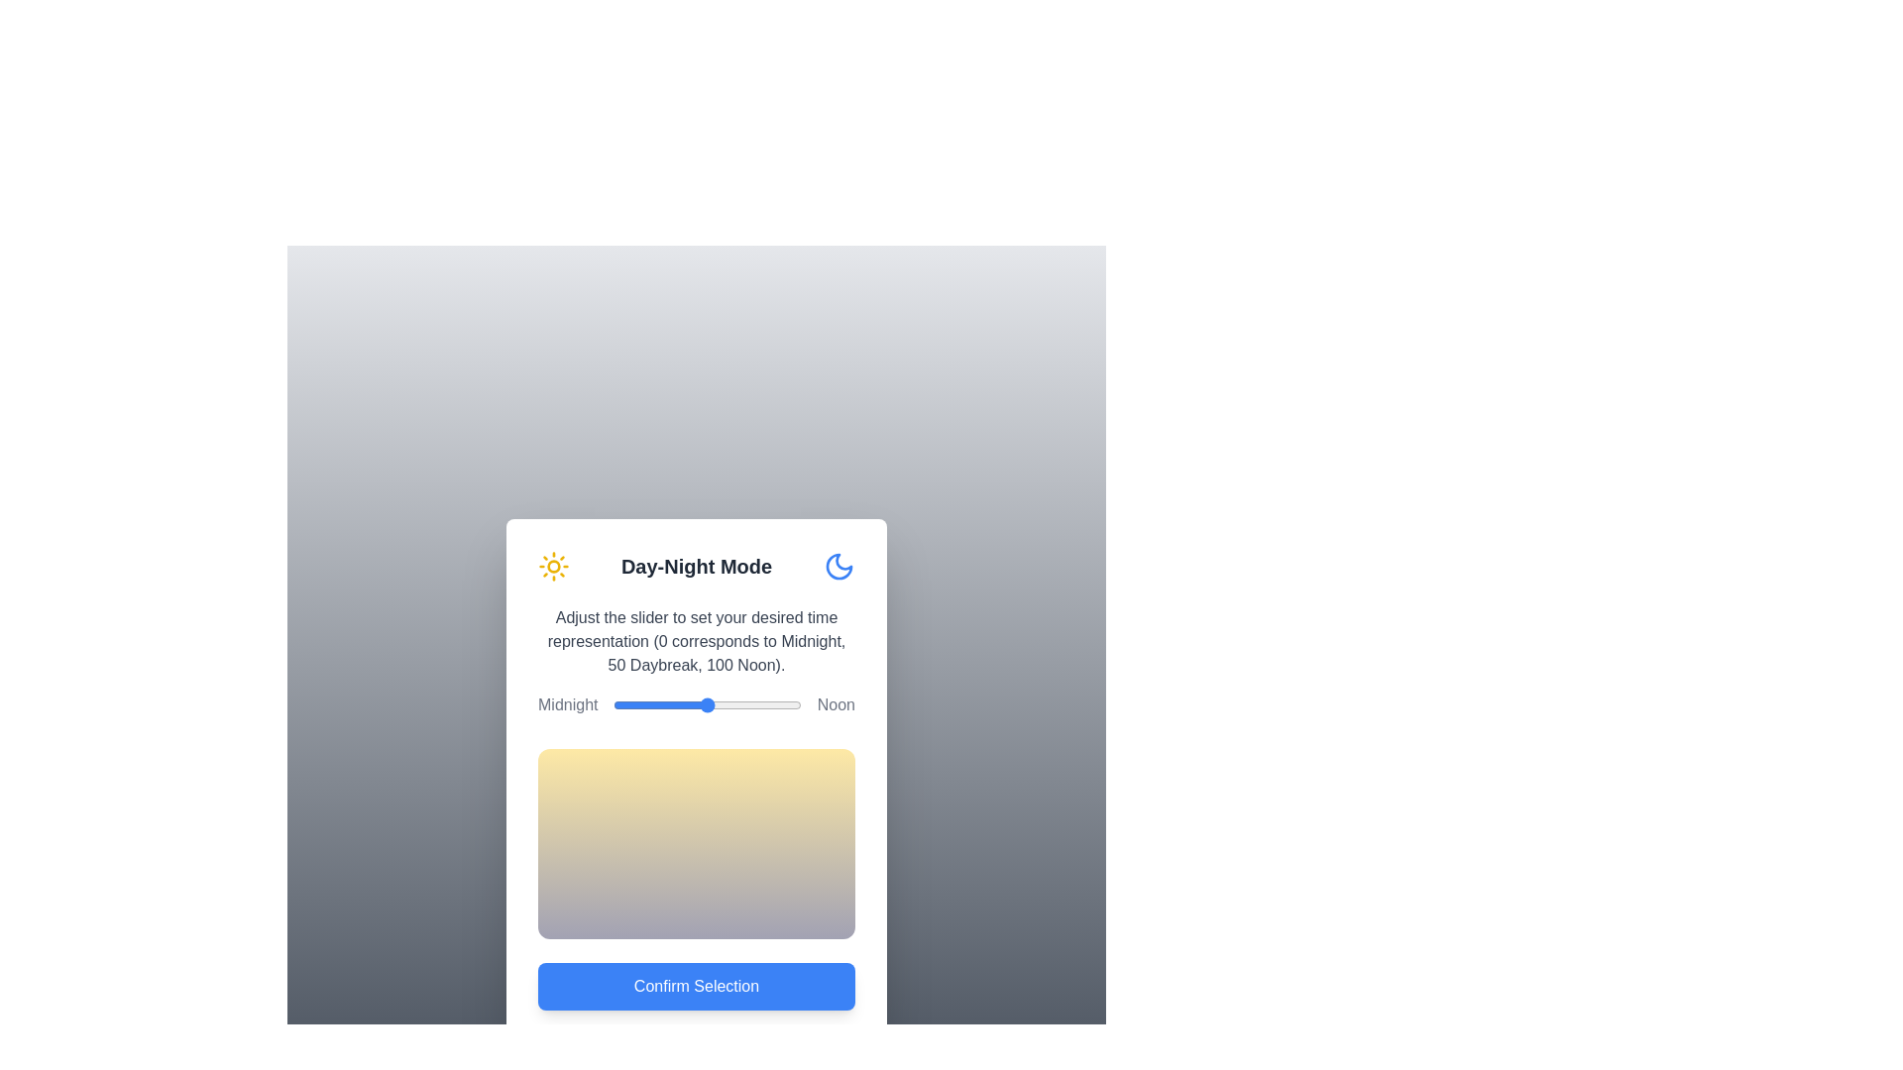 The image size is (1903, 1070). Describe the element at coordinates (783, 704) in the screenshot. I see `the slider to set the time representation to 91` at that location.